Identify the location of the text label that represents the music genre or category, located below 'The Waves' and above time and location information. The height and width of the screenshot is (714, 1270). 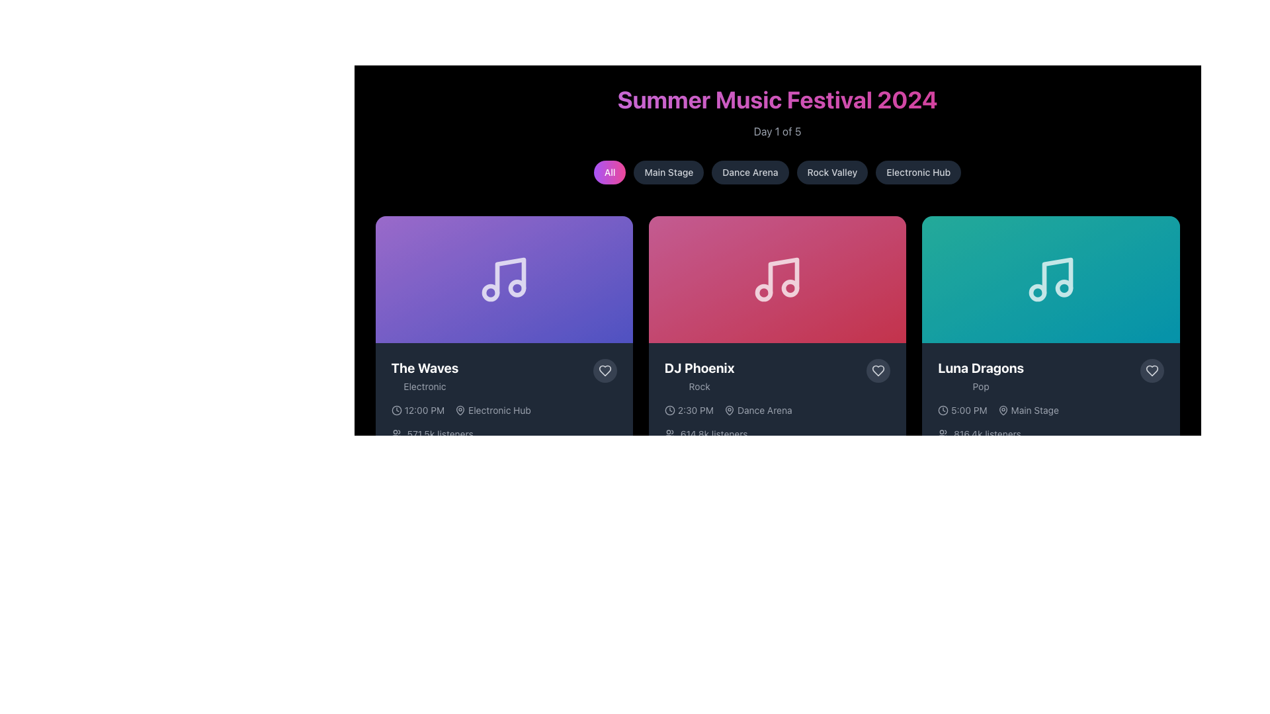
(425, 387).